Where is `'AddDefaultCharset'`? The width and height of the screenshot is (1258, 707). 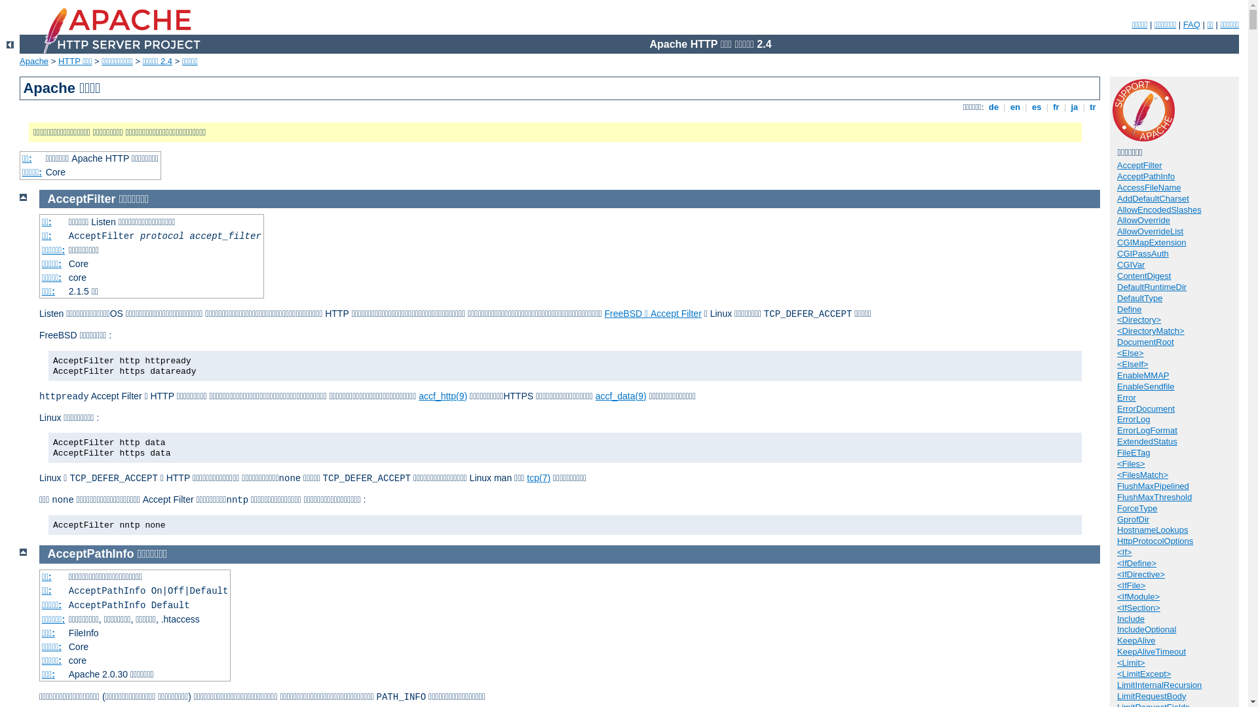 'AddDefaultCharset' is located at coordinates (1153, 198).